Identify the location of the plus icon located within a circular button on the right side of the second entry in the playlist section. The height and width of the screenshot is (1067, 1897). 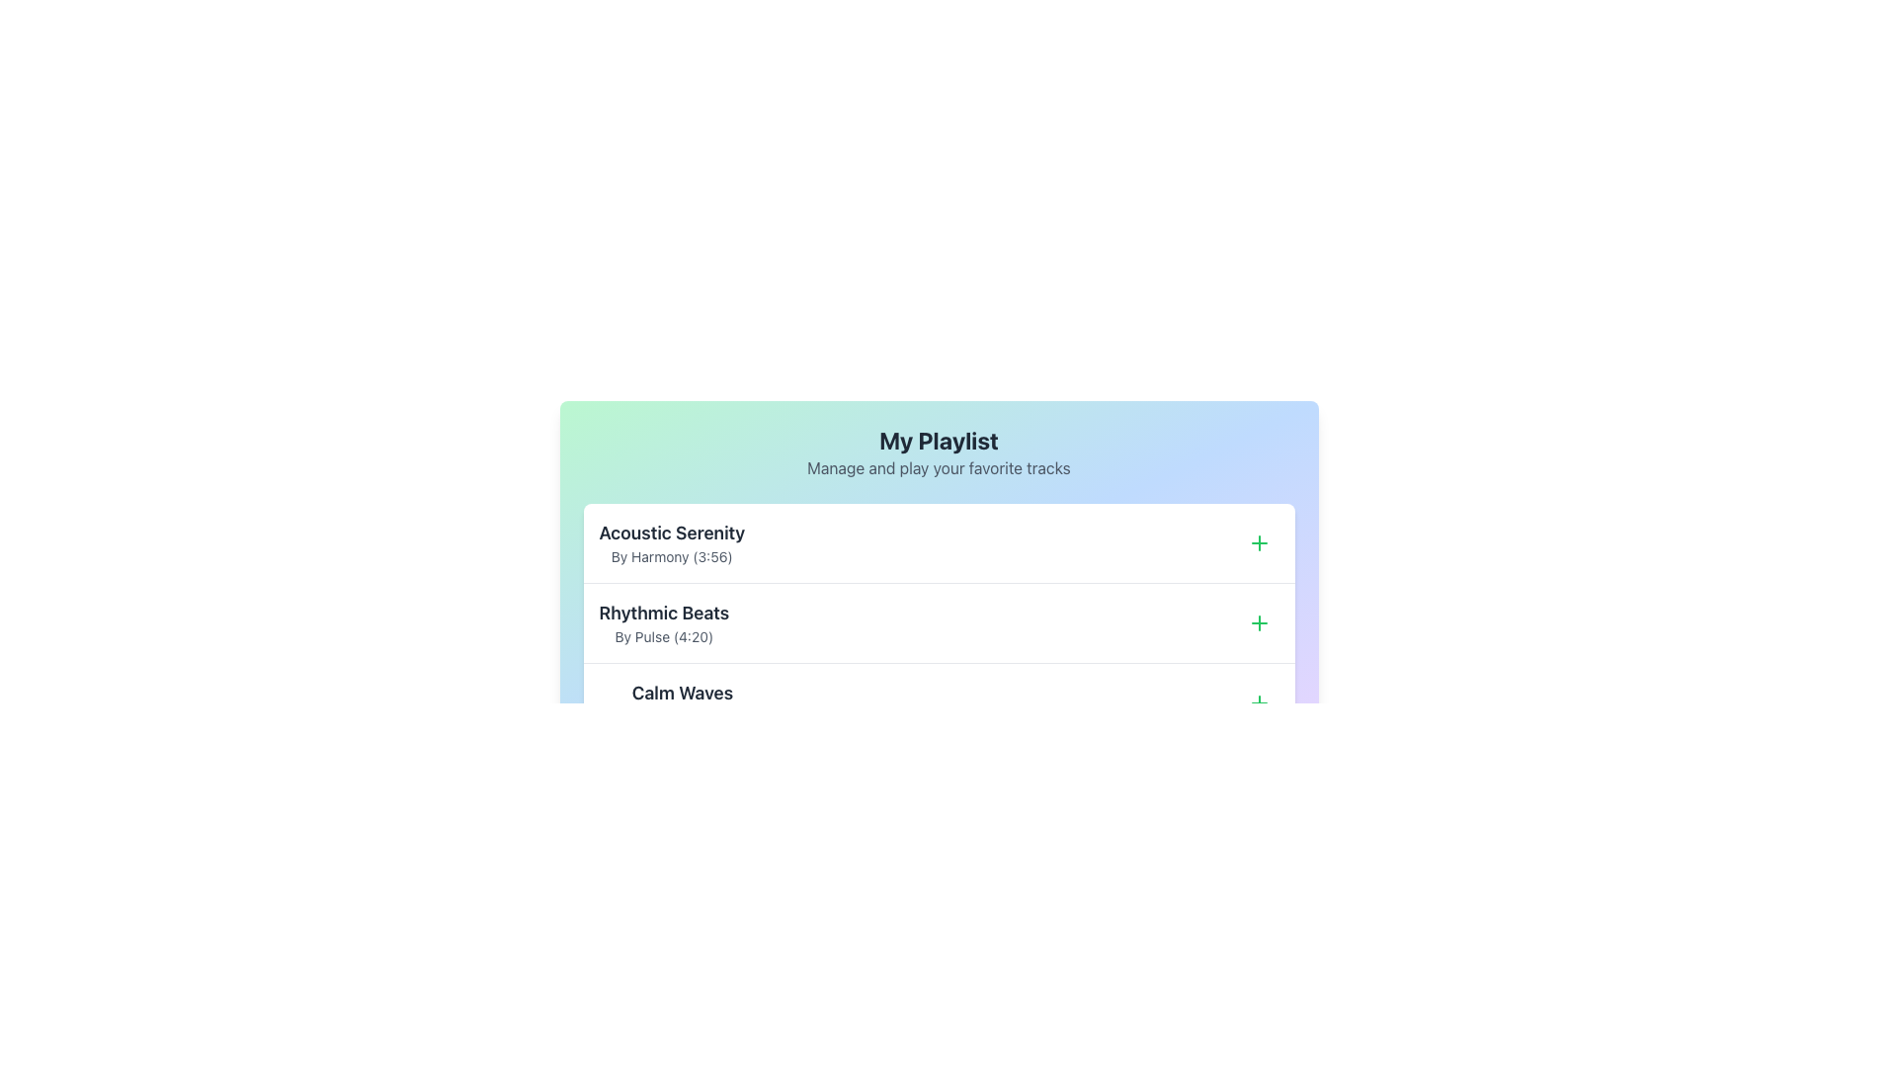
(1258, 623).